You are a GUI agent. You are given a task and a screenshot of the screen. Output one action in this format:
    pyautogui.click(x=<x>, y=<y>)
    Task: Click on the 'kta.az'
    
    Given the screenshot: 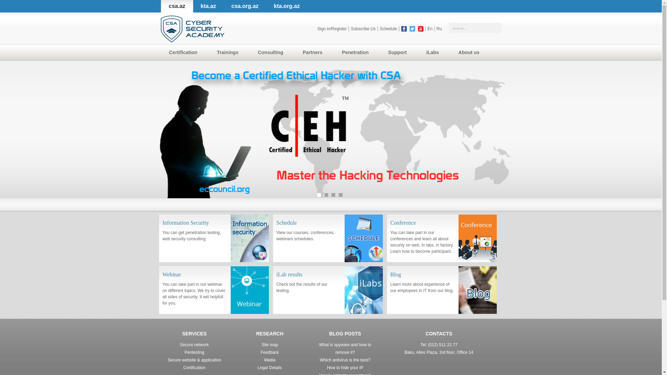 What is the action you would take?
    pyautogui.click(x=208, y=6)
    